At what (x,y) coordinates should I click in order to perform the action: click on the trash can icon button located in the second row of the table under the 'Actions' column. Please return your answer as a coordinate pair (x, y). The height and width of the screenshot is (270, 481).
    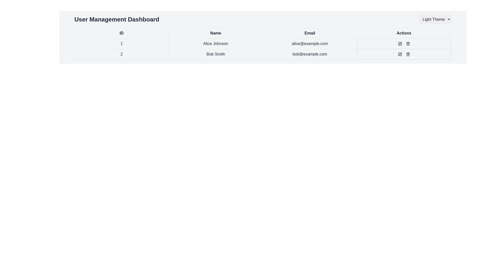
    Looking at the image, I should click on (408, 43).